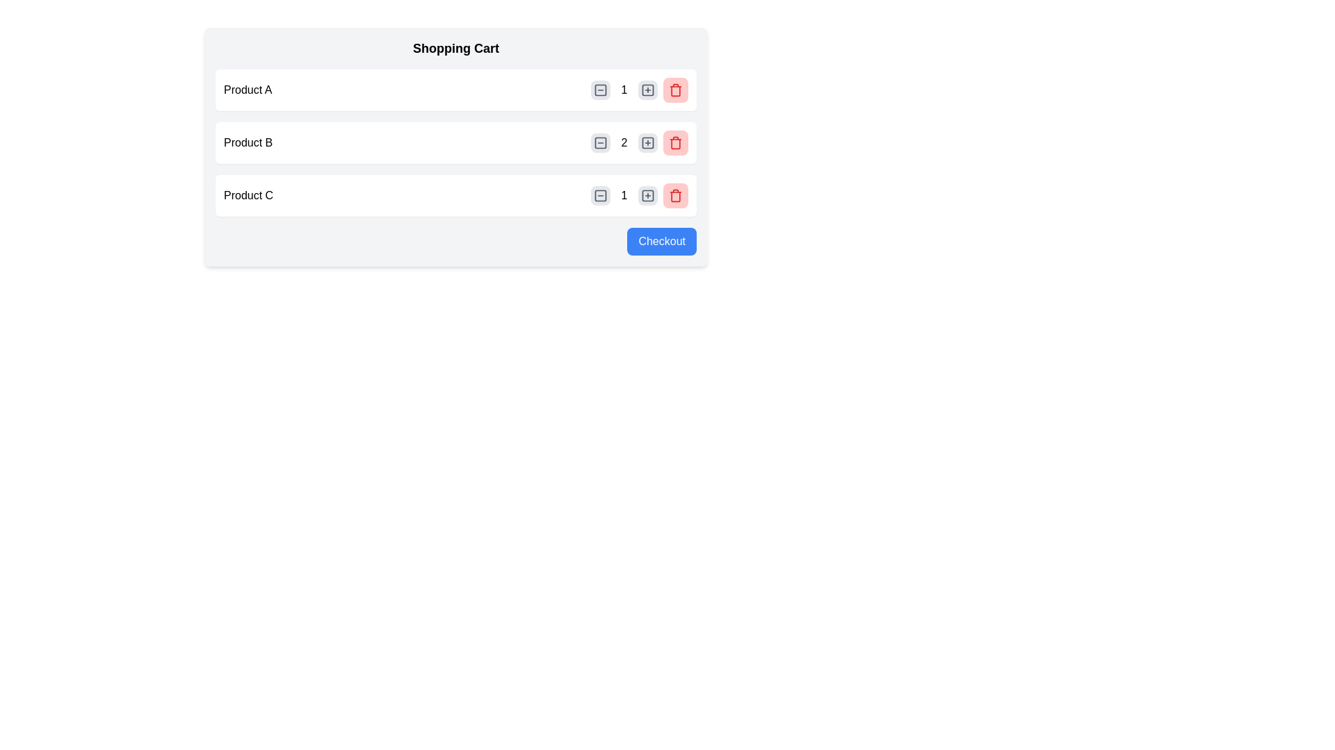 Image resolution: width=1335 pixels, height=750 pixels. What do you see at coordinates (601, 142) in the screenshot?
I see `the decrement button for 'Product B' in the shopping cart` at bounding box center [601, 142].